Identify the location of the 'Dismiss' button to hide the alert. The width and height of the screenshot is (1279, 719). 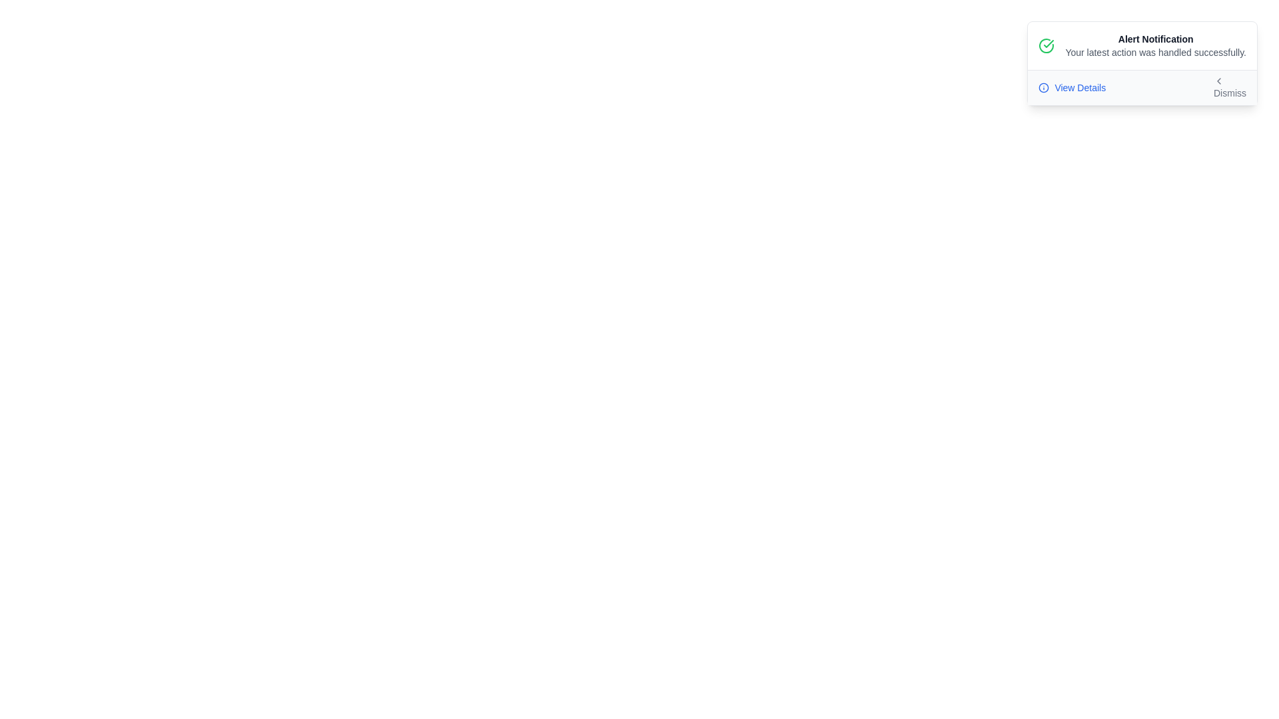
(1229, 87).